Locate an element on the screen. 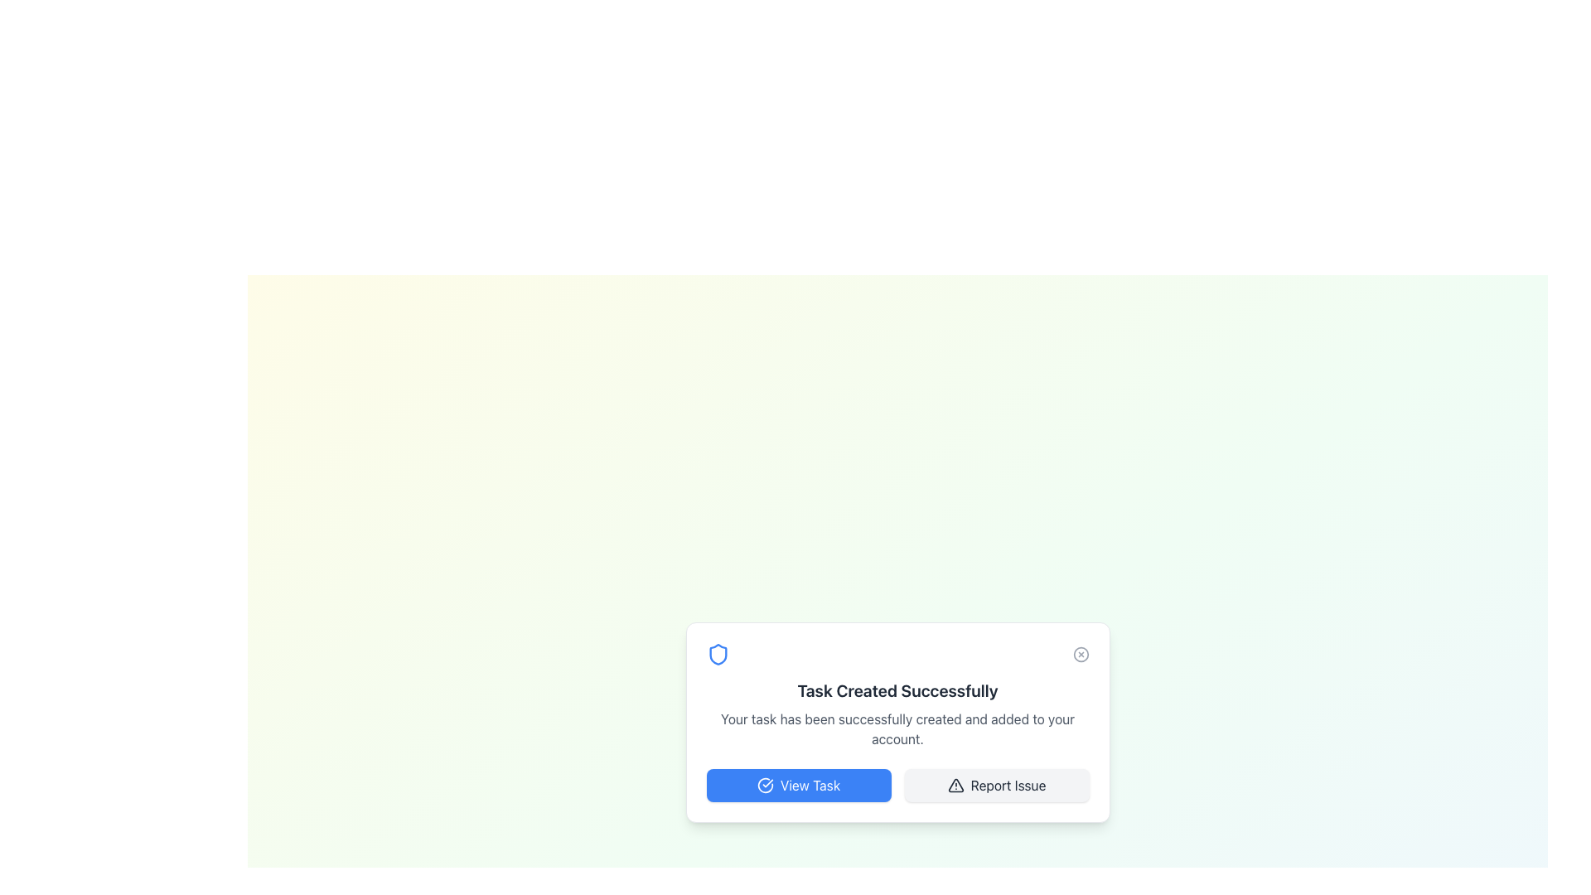 The height and width of the screenshot is (895, 1591). the close button located at the top-right corner of the card containing the message 'Task Created Successfully' is located at coordinates (1081, 654).